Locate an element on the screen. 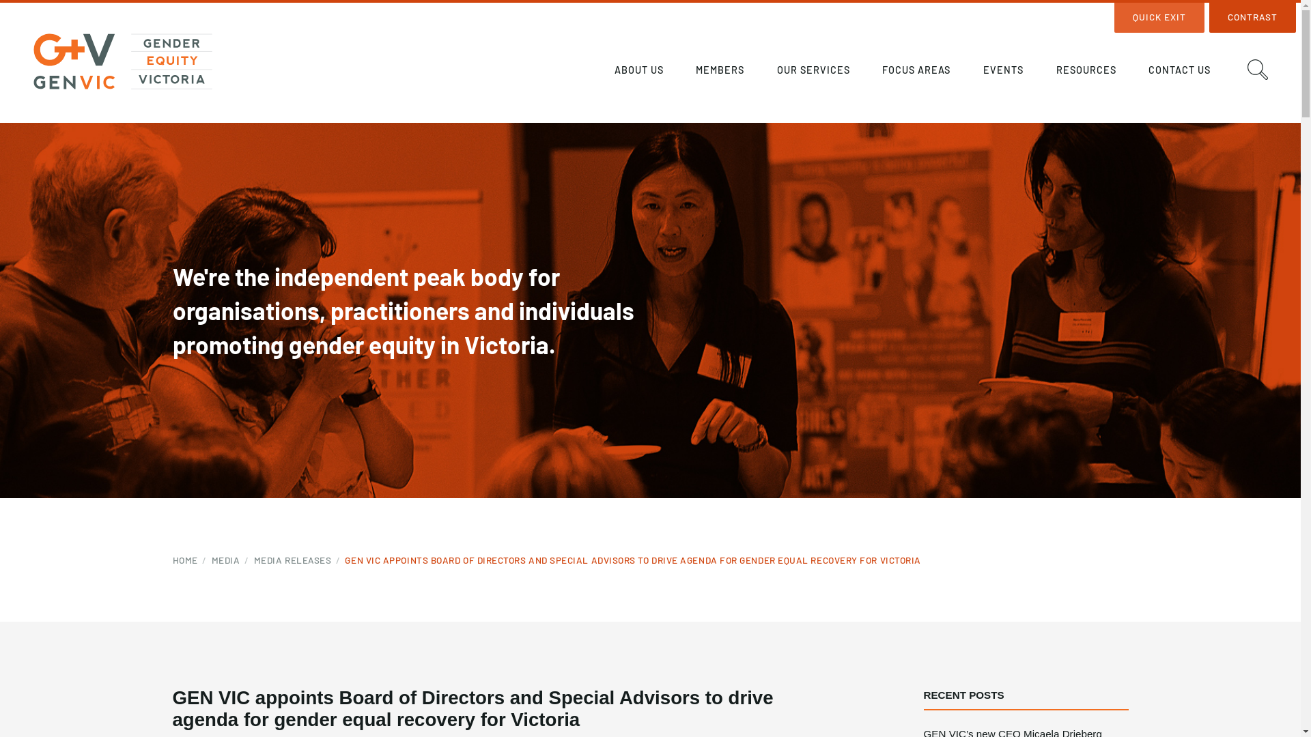  'QUICK EXIT' is located at coordinates (1159, 18).